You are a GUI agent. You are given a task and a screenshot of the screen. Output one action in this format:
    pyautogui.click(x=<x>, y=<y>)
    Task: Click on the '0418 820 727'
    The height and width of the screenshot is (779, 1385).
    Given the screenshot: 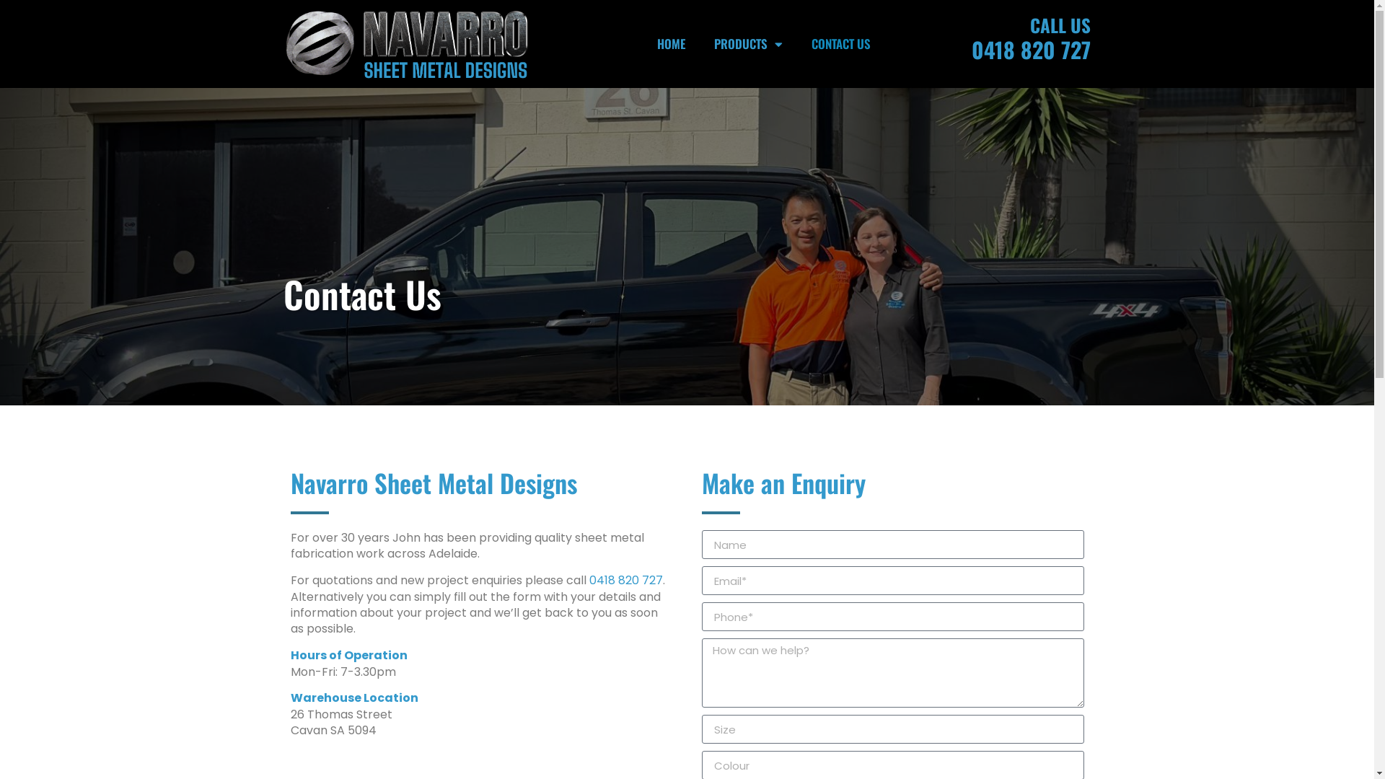 What is the action you would take?
    pyautogui.click(x=625, y=579)
    